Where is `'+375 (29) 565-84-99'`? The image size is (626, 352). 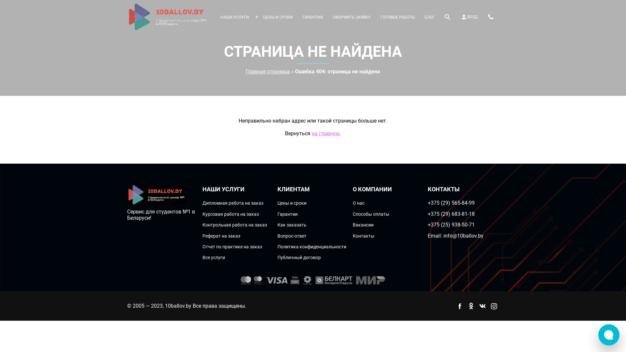
'+375 (29) 565-84-99' is located at coordinates (451, 202).